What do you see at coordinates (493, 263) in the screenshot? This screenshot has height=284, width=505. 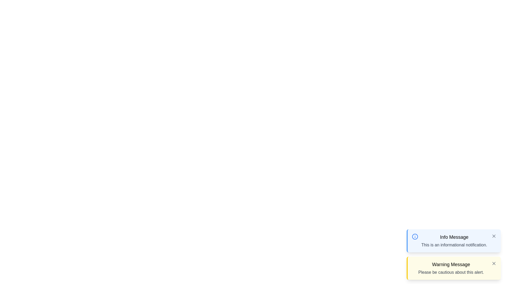 I see `the close button located in the top-right corner of the 'Warning Message' alert` at bounding box center [493, 263].